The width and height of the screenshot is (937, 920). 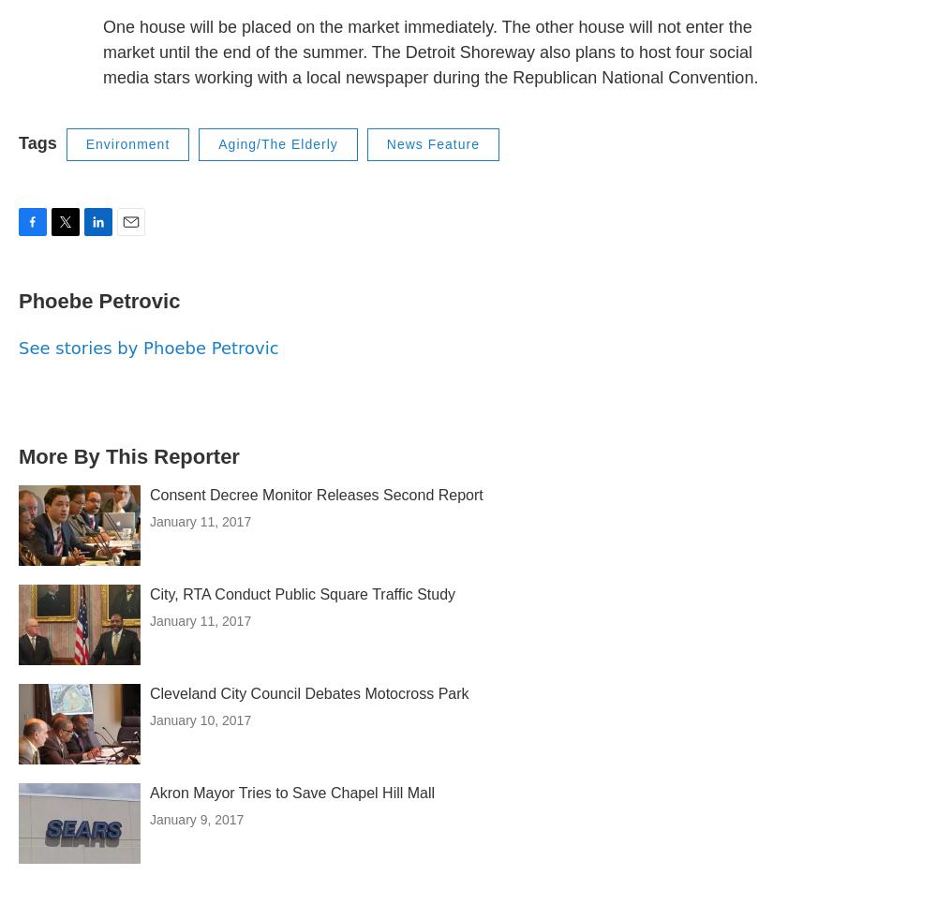 What do you see at coordinates (128, 455) in the screenshot?
I see `'More by this reporter'` at bounding box center [128, 455].